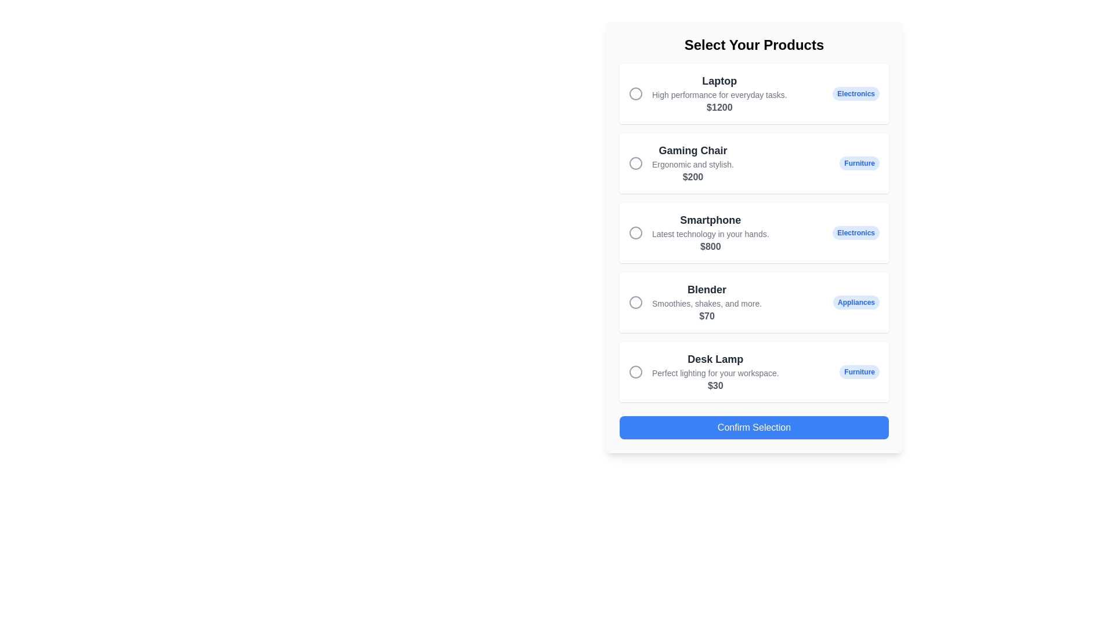  I want to click on the 'Furniture' label badge with a blue background positioned to the right of the '$200' text under the 'Select Your Products' section, associated with the 'Gaming Chair', so click(859, 163).